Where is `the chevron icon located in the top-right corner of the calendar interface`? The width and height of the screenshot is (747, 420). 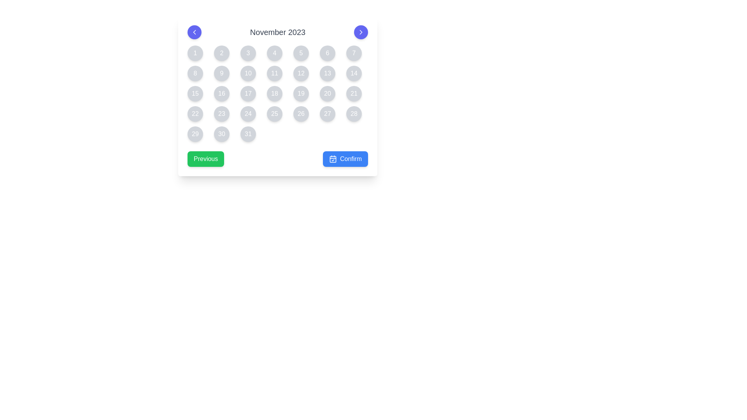
the chevron icon located in the top-right corner of the calendar interface is located at coordinates (360, 32).